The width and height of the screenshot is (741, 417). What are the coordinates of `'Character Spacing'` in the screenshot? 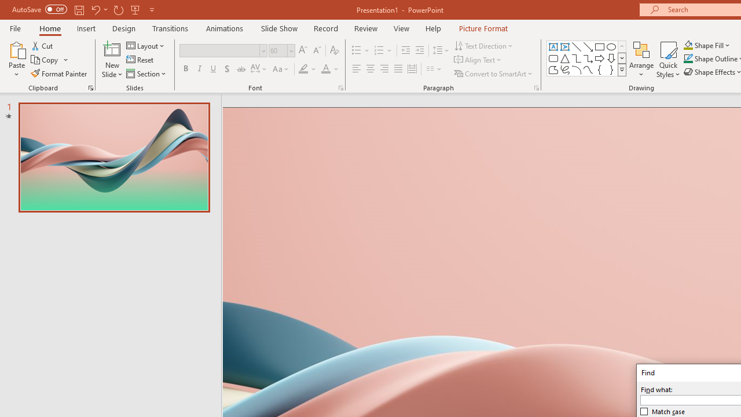 It's located at (259, 69).